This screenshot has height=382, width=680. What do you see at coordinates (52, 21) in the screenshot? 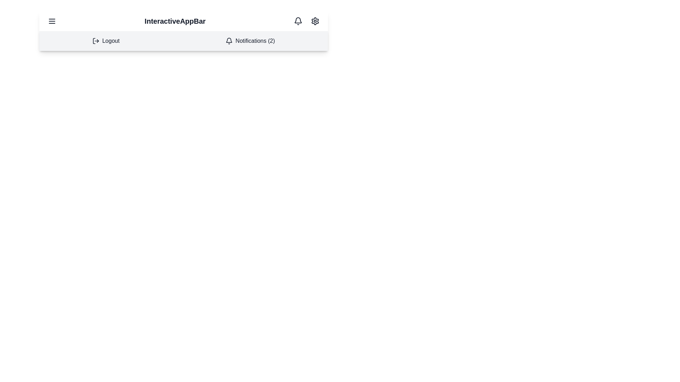
I see `the menu button to toggle the menu visibility` at bounding box center [52, 21].